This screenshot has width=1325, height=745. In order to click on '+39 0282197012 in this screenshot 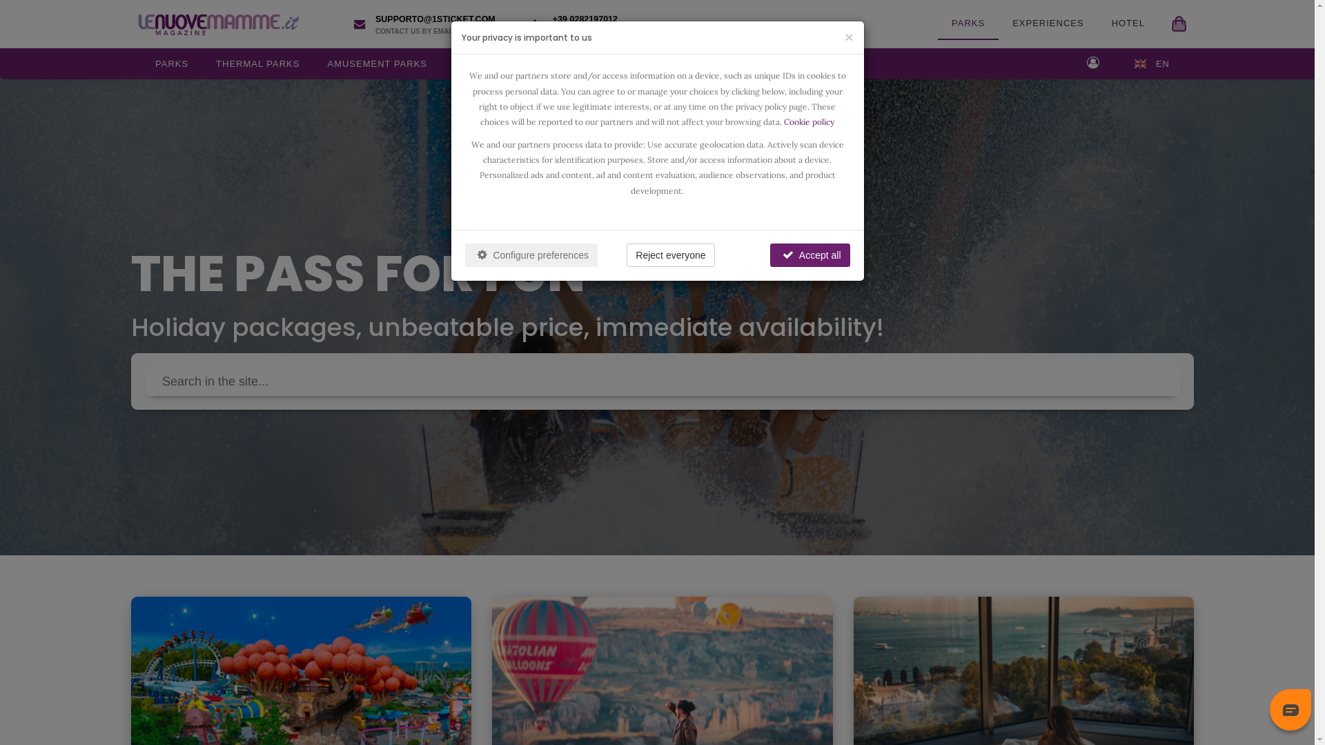, I will do `click(580, 23)`.